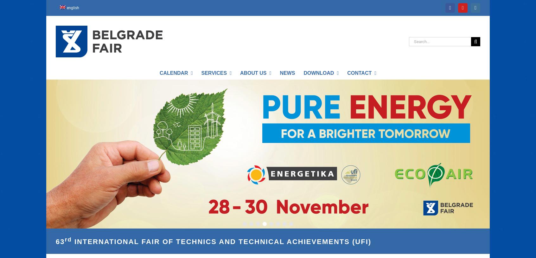  I want to click on '63', so click(60, 242).